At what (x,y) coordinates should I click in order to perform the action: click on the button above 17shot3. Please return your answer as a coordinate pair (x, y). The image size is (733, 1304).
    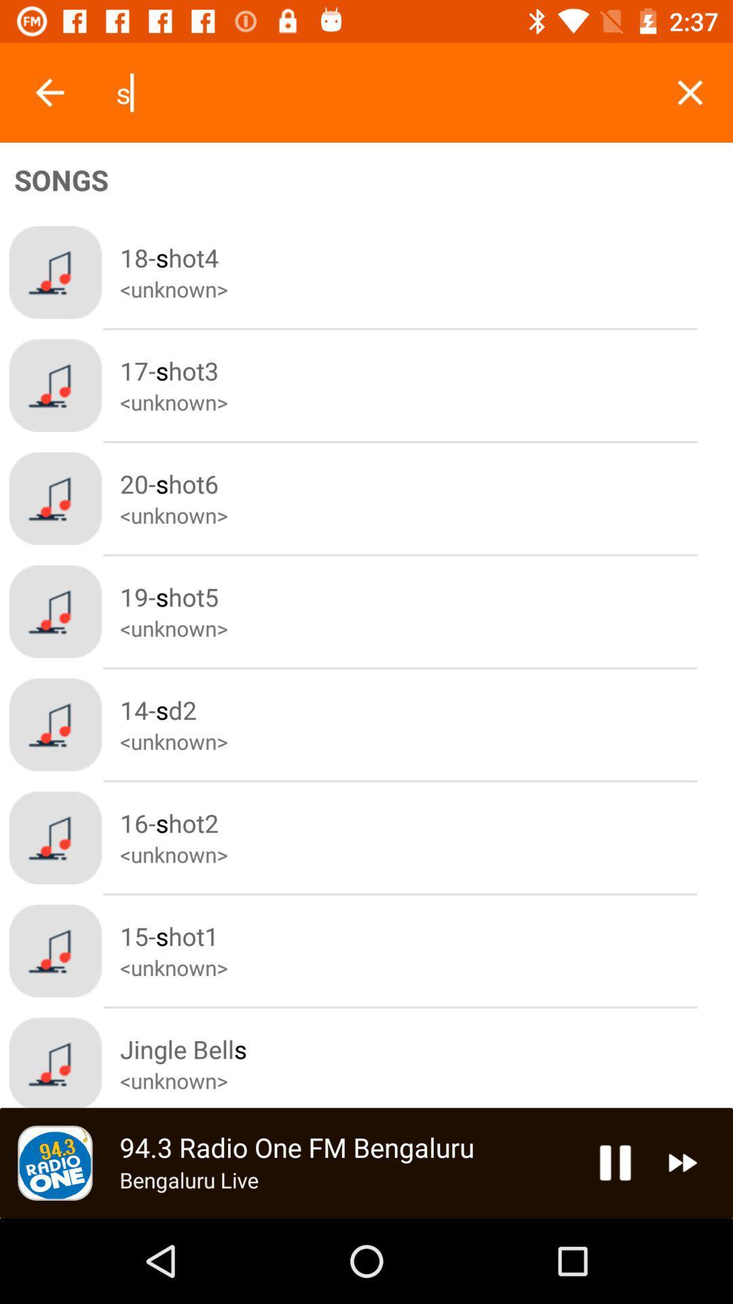
    Looking at the image, I should click on (426, 272).